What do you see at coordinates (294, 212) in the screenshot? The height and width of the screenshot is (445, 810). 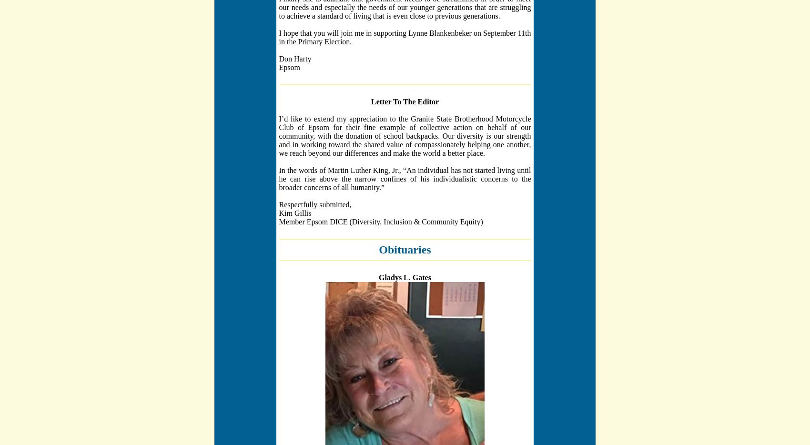 I see `'Kim Gillis'` at bounding box center [294, 212].